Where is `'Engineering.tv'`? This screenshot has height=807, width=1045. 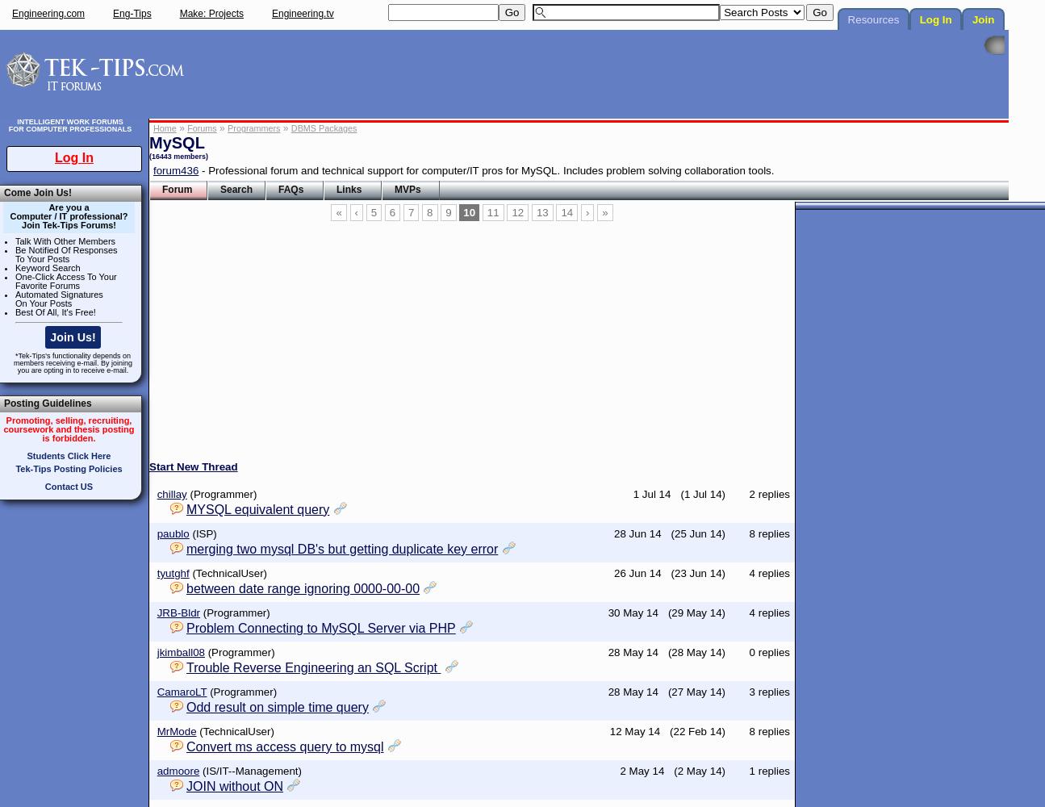 'Engineering.tv' is located at coordinates (302, 14).